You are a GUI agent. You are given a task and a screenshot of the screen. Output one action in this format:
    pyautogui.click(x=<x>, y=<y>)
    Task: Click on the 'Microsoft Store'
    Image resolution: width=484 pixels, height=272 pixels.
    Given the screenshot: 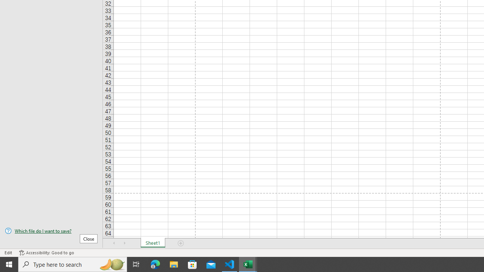 What is the action you would take?
    pyautogui.click(x=192, y=264)
    